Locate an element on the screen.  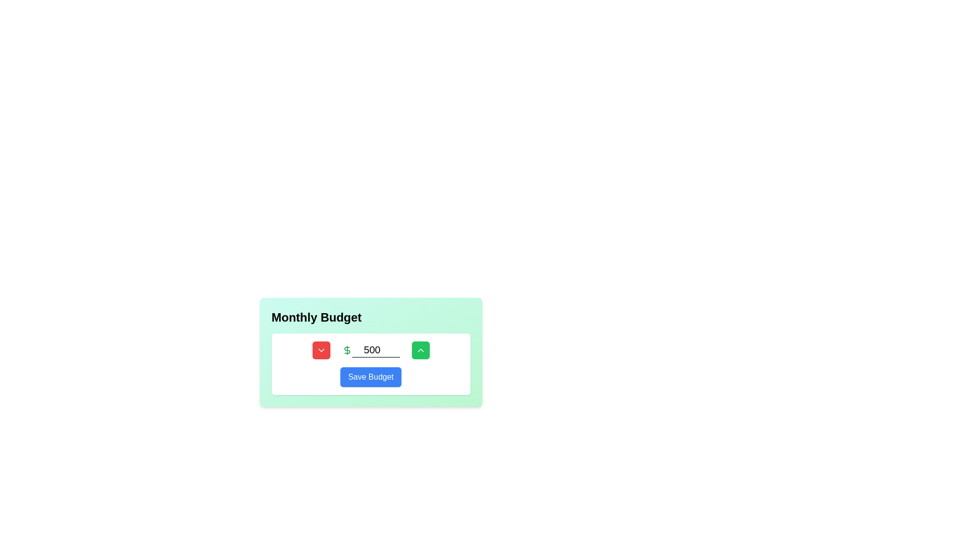
the submit button located in the lower section of the card-like structure with a light green background is located at coordinates (370, 377).